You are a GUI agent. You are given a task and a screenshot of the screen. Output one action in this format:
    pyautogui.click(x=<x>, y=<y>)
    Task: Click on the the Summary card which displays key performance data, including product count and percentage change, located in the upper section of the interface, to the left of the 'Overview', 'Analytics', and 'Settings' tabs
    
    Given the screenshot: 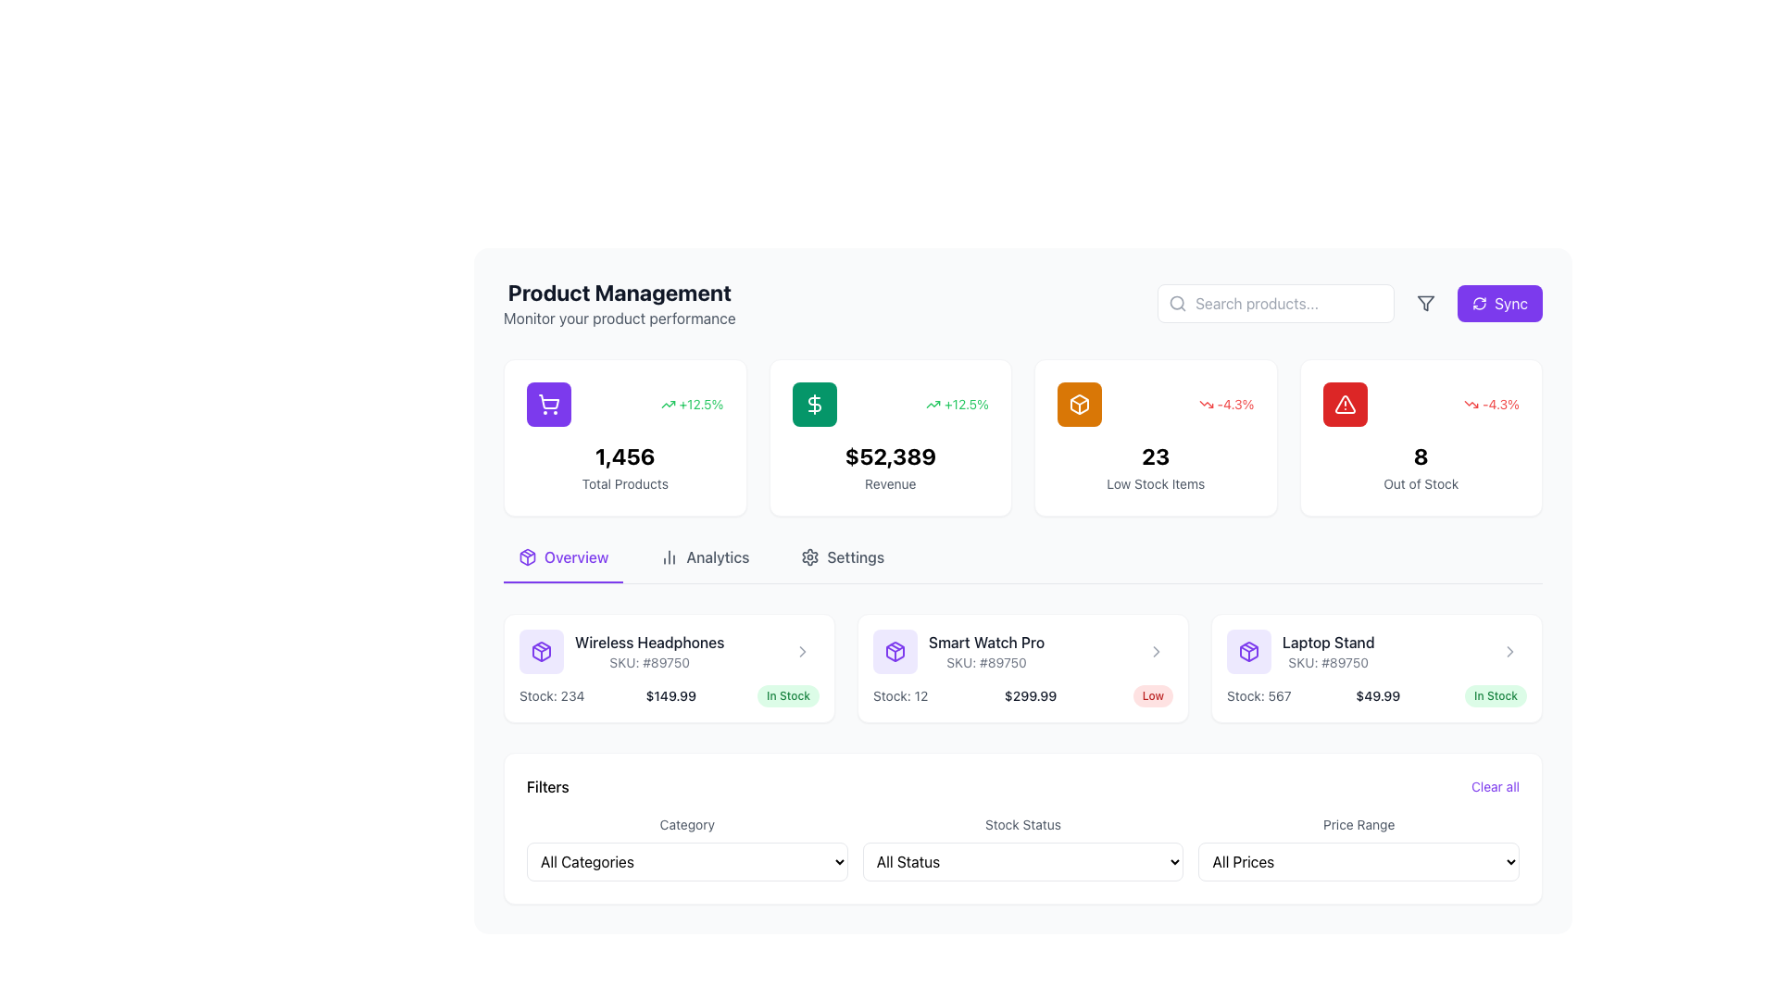 What is the action you would take?
    pyautogui.click(x=625, y=438)
    